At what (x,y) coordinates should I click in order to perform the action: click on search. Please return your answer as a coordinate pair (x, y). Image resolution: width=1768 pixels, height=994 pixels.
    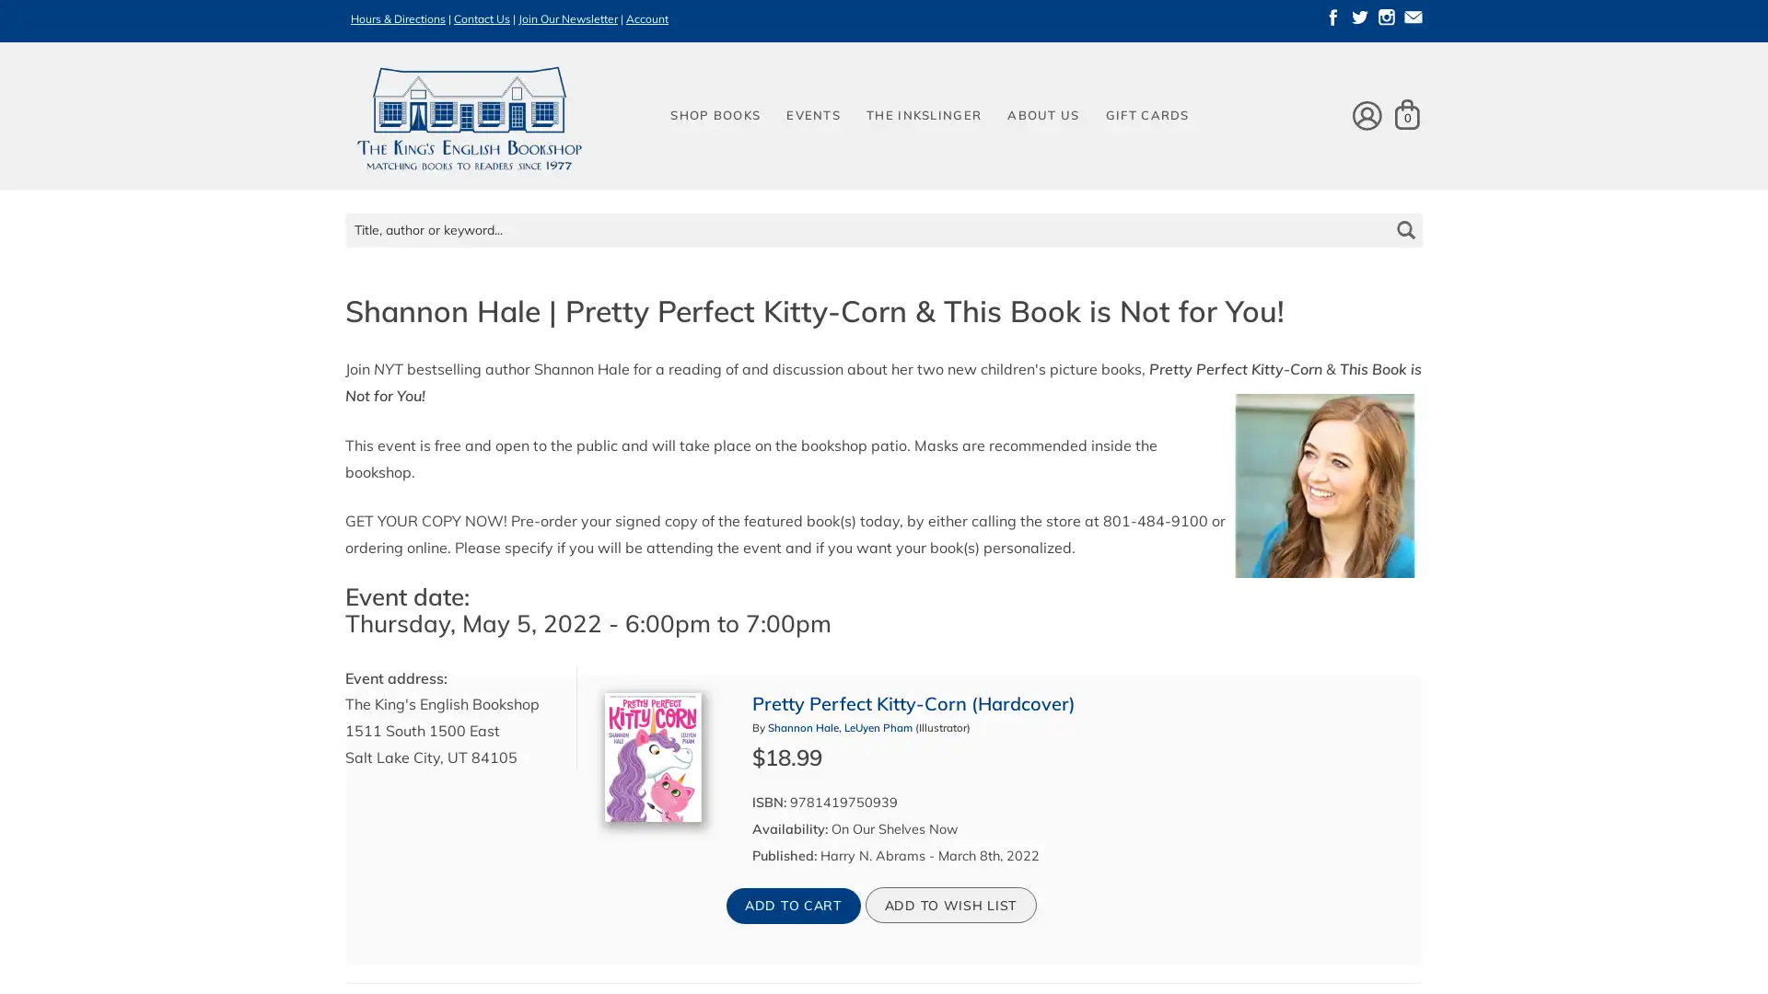
    Looking at the image, I should click on (1403, 215).